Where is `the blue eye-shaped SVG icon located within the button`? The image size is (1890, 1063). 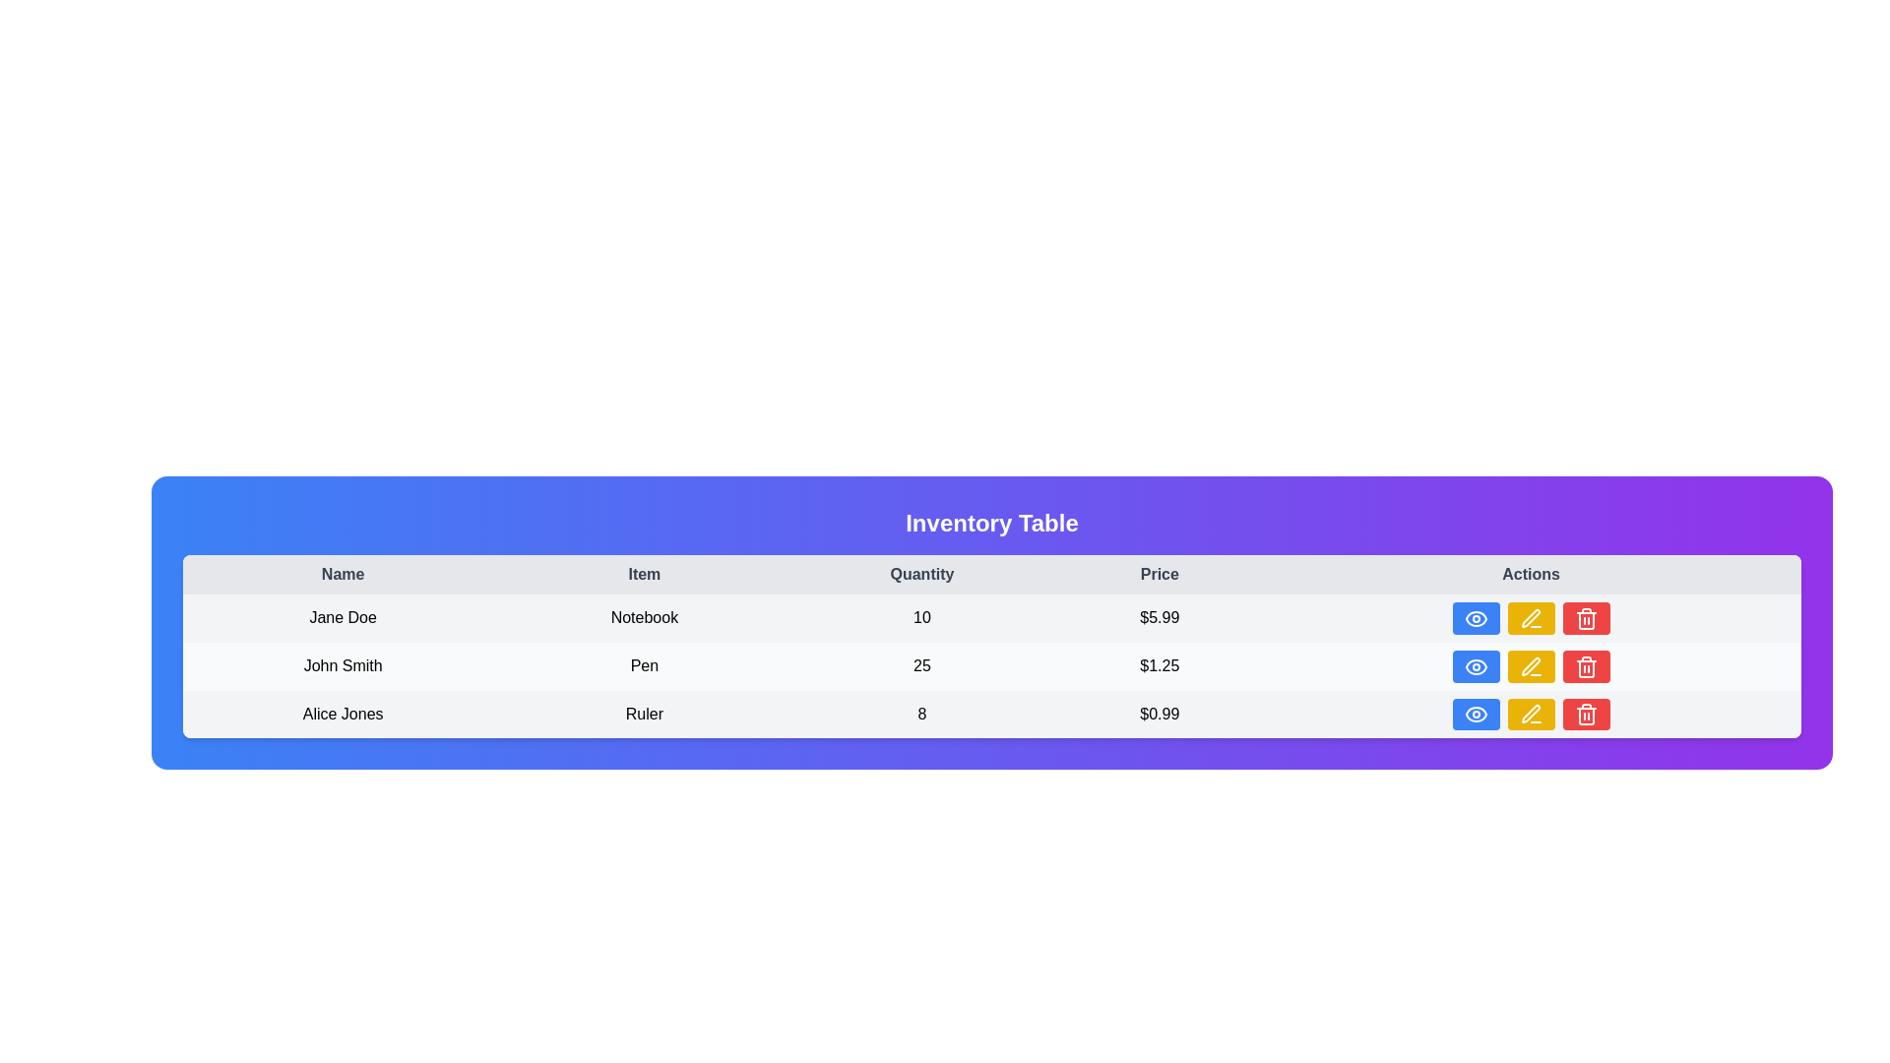 the blue eye-shaped SVG icon located within the button is located at coordinates (1476, 665).